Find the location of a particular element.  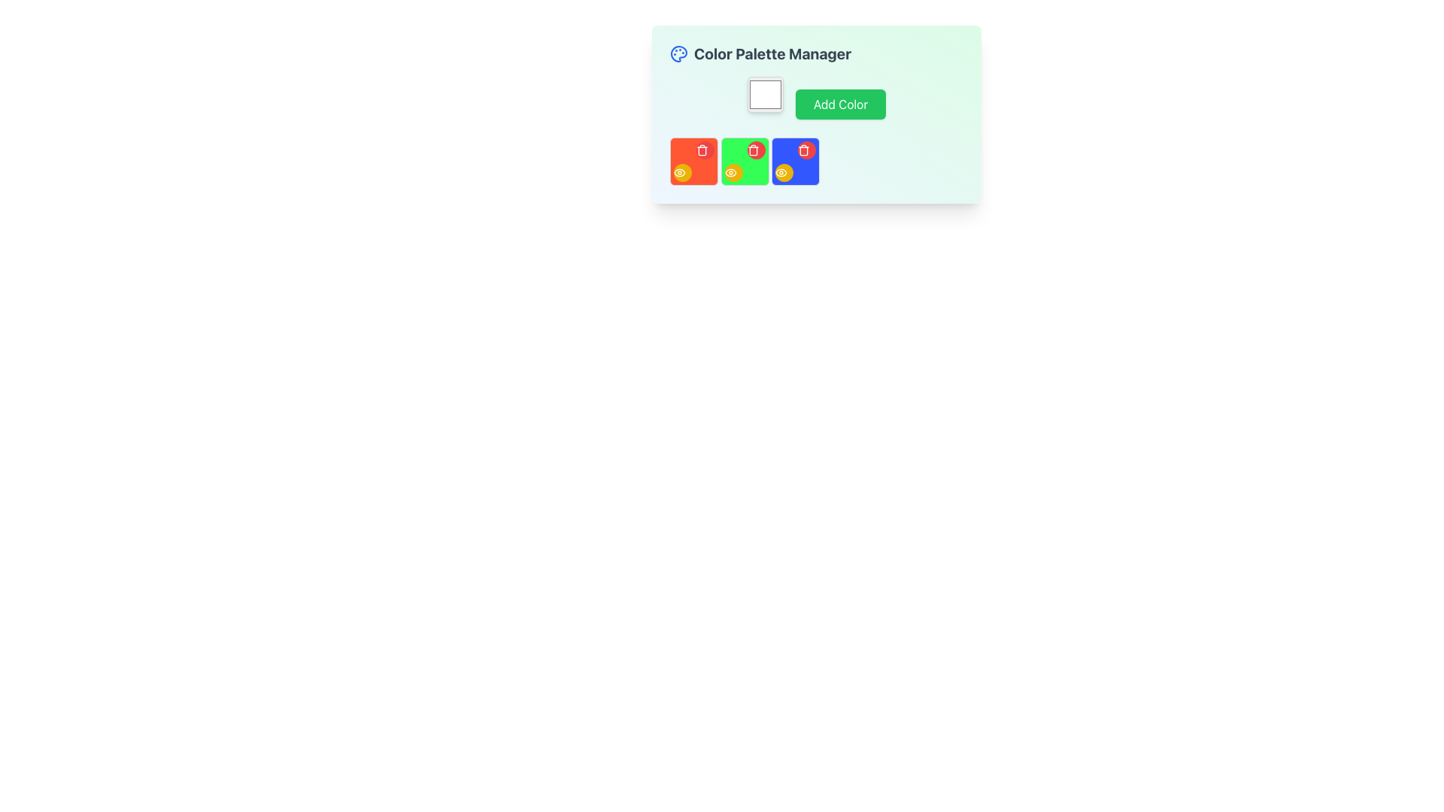

the delete button located at the top-right corner of the blue rectangular block to initiate the delete operation is located at coordinates (806, 150).